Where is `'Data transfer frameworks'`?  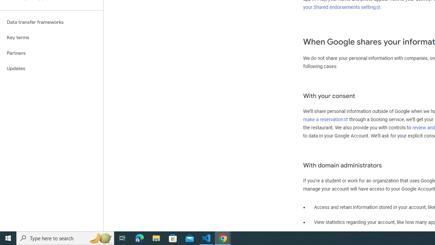 'Data transfer frameworks' is located at coordinates (51, 22).